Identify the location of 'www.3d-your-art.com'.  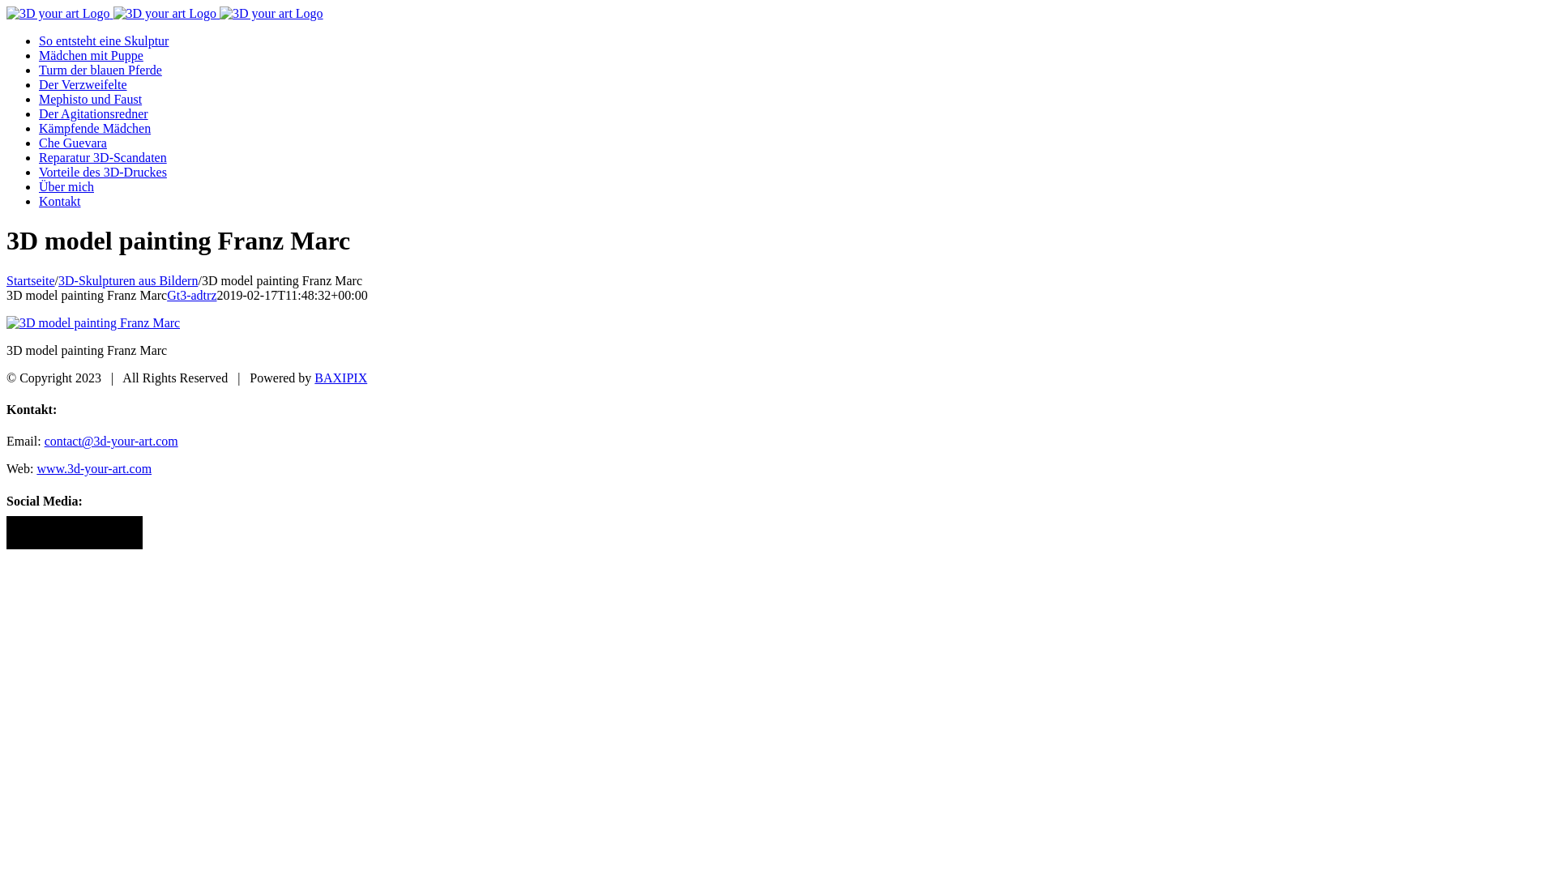
(92, 468).